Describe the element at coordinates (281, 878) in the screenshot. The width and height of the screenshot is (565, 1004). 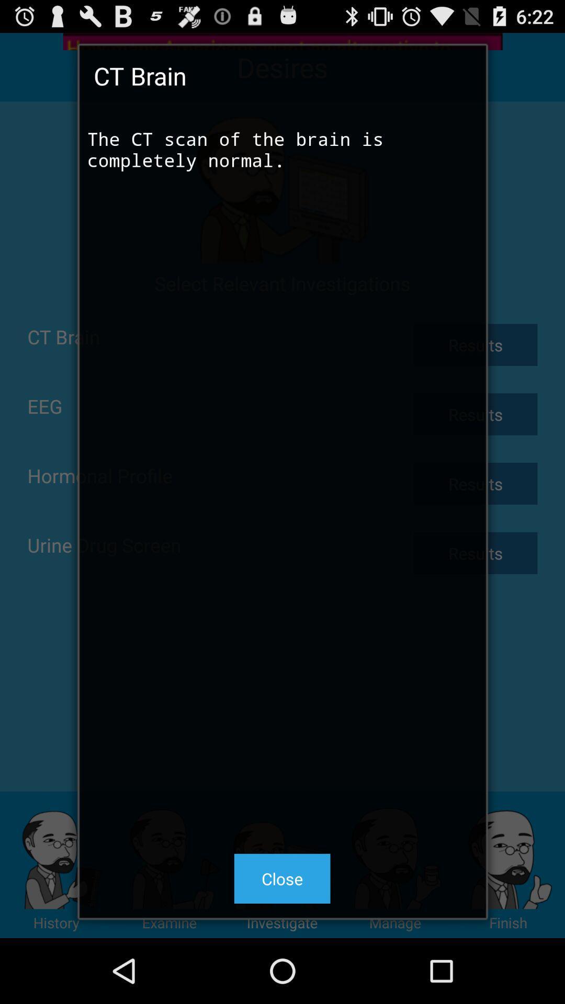
I see `the close item` at that location.